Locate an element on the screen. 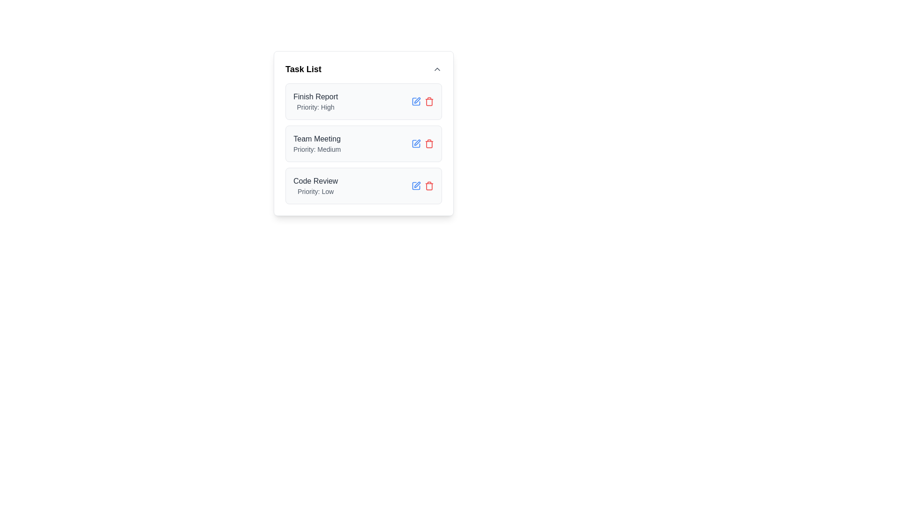  the red trash bin icon for delete function, located beside the blue edit icon in the action icons row for the 'Code Review' task is located at coordinates (429, 186).